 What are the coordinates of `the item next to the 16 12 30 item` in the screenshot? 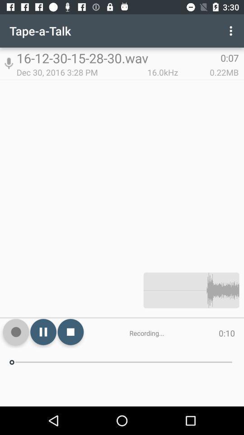 It's located at (232, 31).